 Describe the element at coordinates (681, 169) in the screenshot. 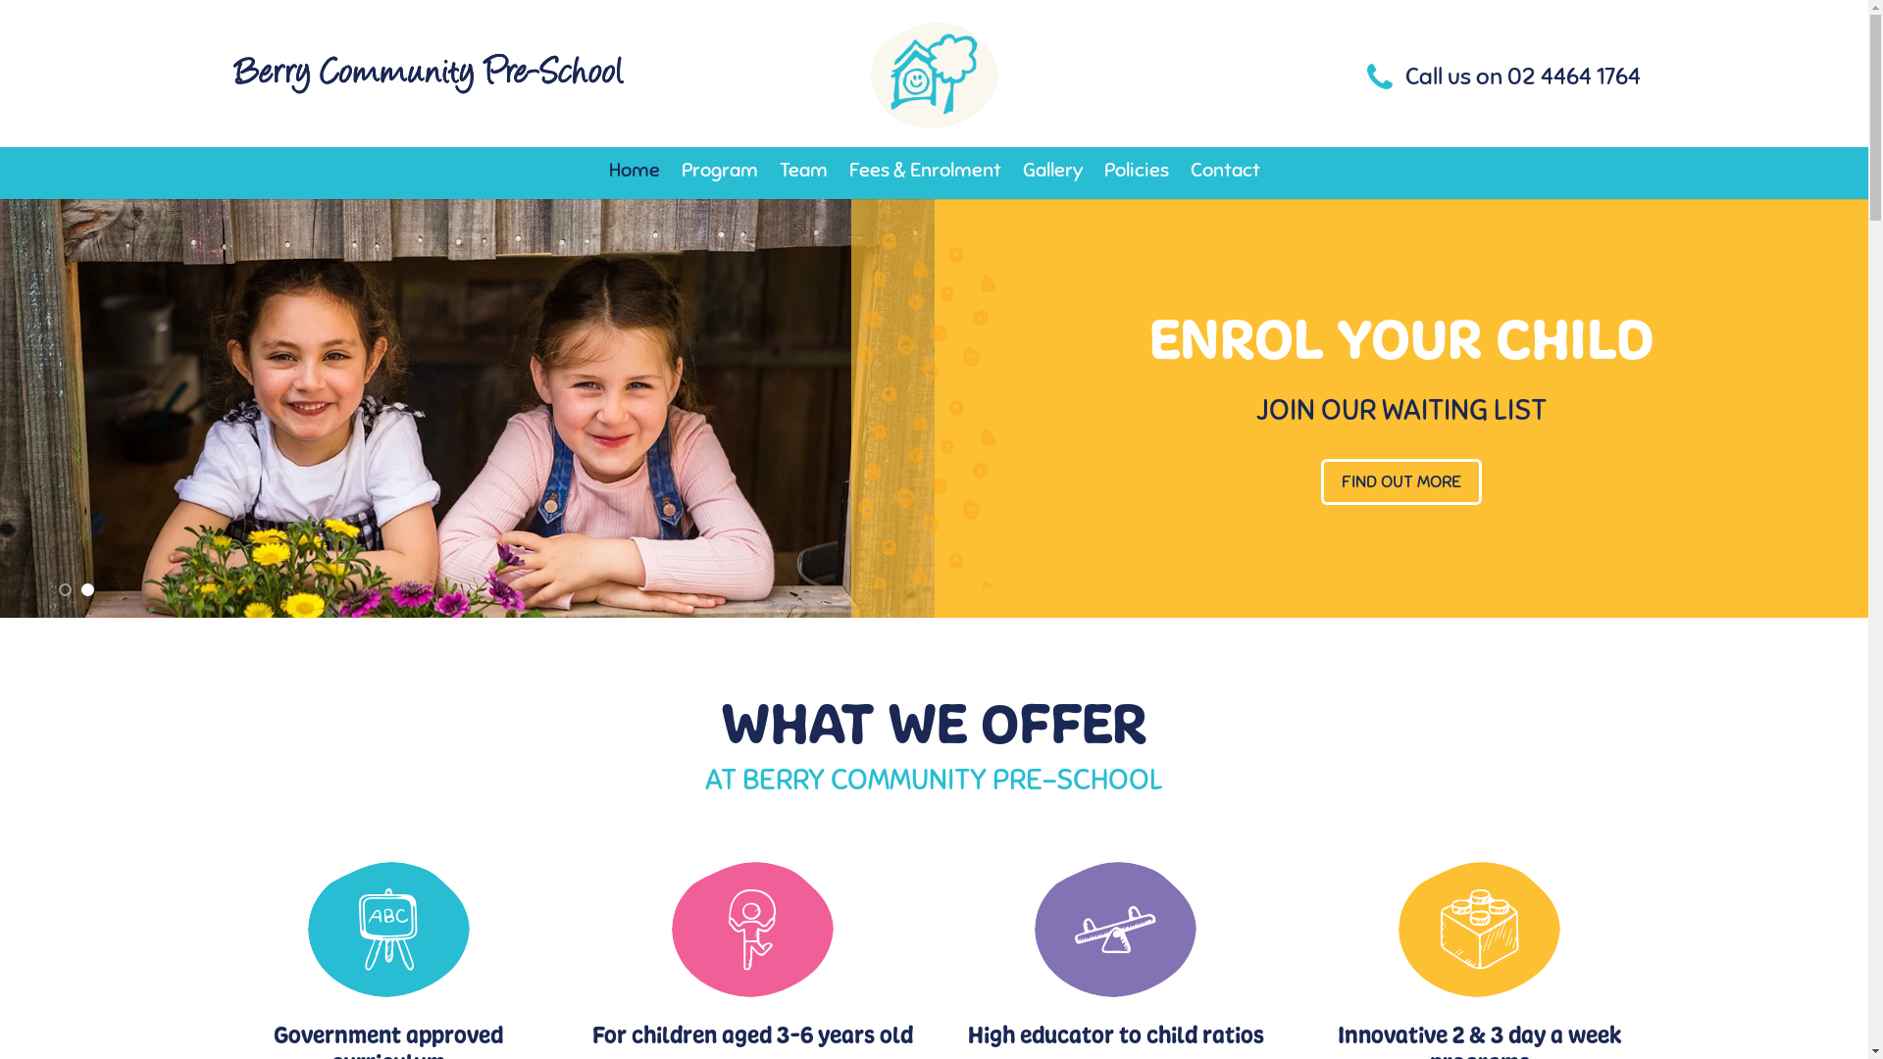

I see `'Program'` at that location.